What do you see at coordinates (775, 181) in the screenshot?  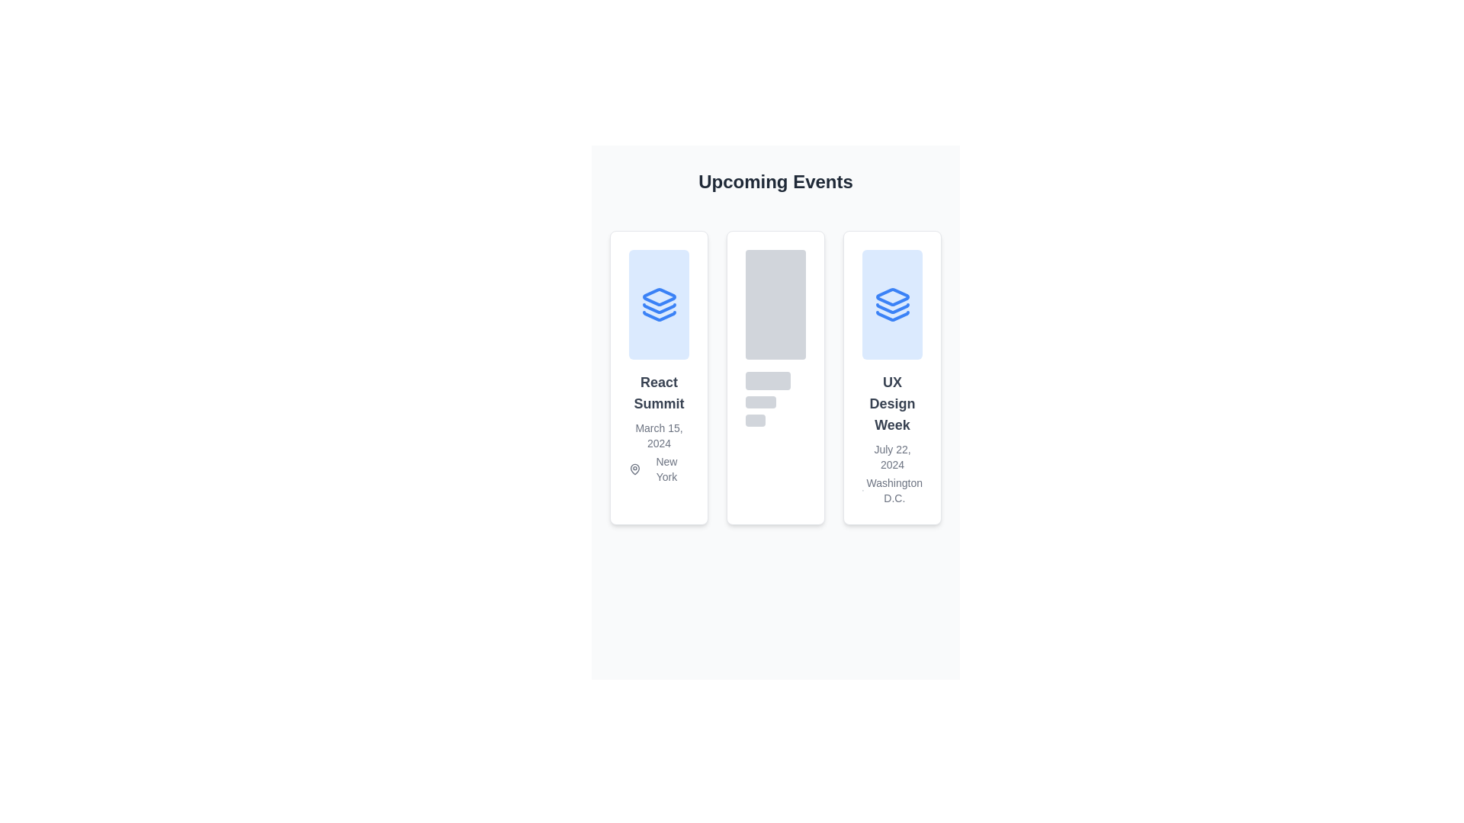 I see `the header text 'Upcoming Events' which is styled with a large bold font, centered alignment, and black color on a grayish background` at bounding box center [775, 181].